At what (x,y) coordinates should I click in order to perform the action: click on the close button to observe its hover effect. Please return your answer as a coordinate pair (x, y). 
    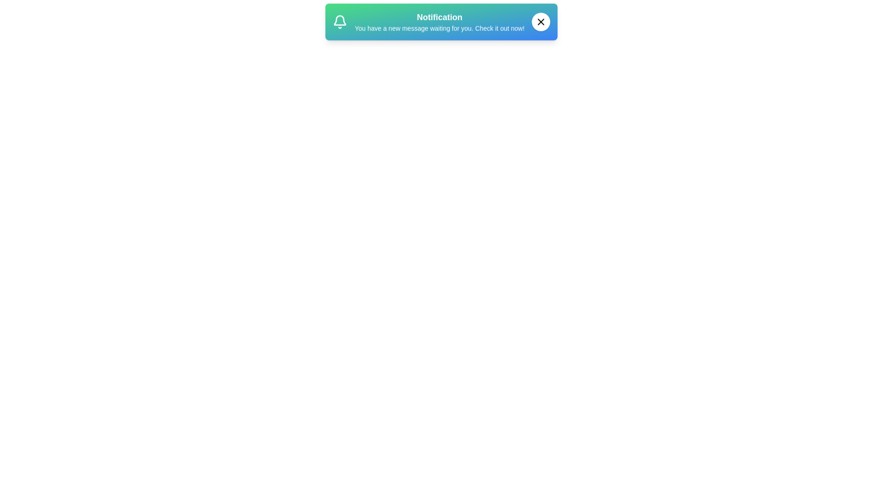
    Looking at the image, I should click on (541, 25).